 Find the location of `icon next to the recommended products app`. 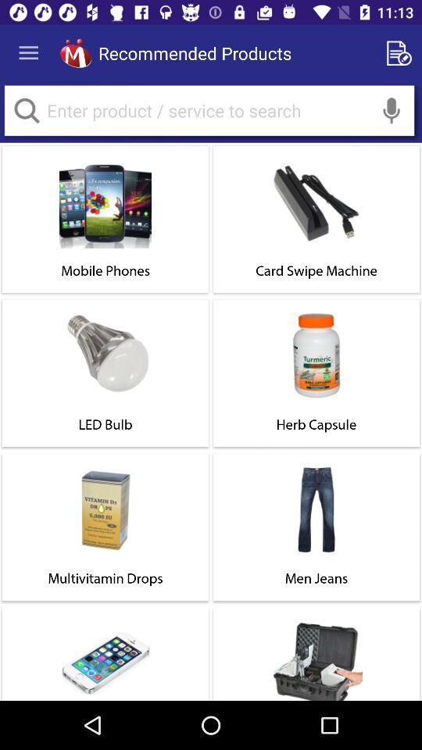

icon next to the recommended products app is located at coordinates (75, 53).